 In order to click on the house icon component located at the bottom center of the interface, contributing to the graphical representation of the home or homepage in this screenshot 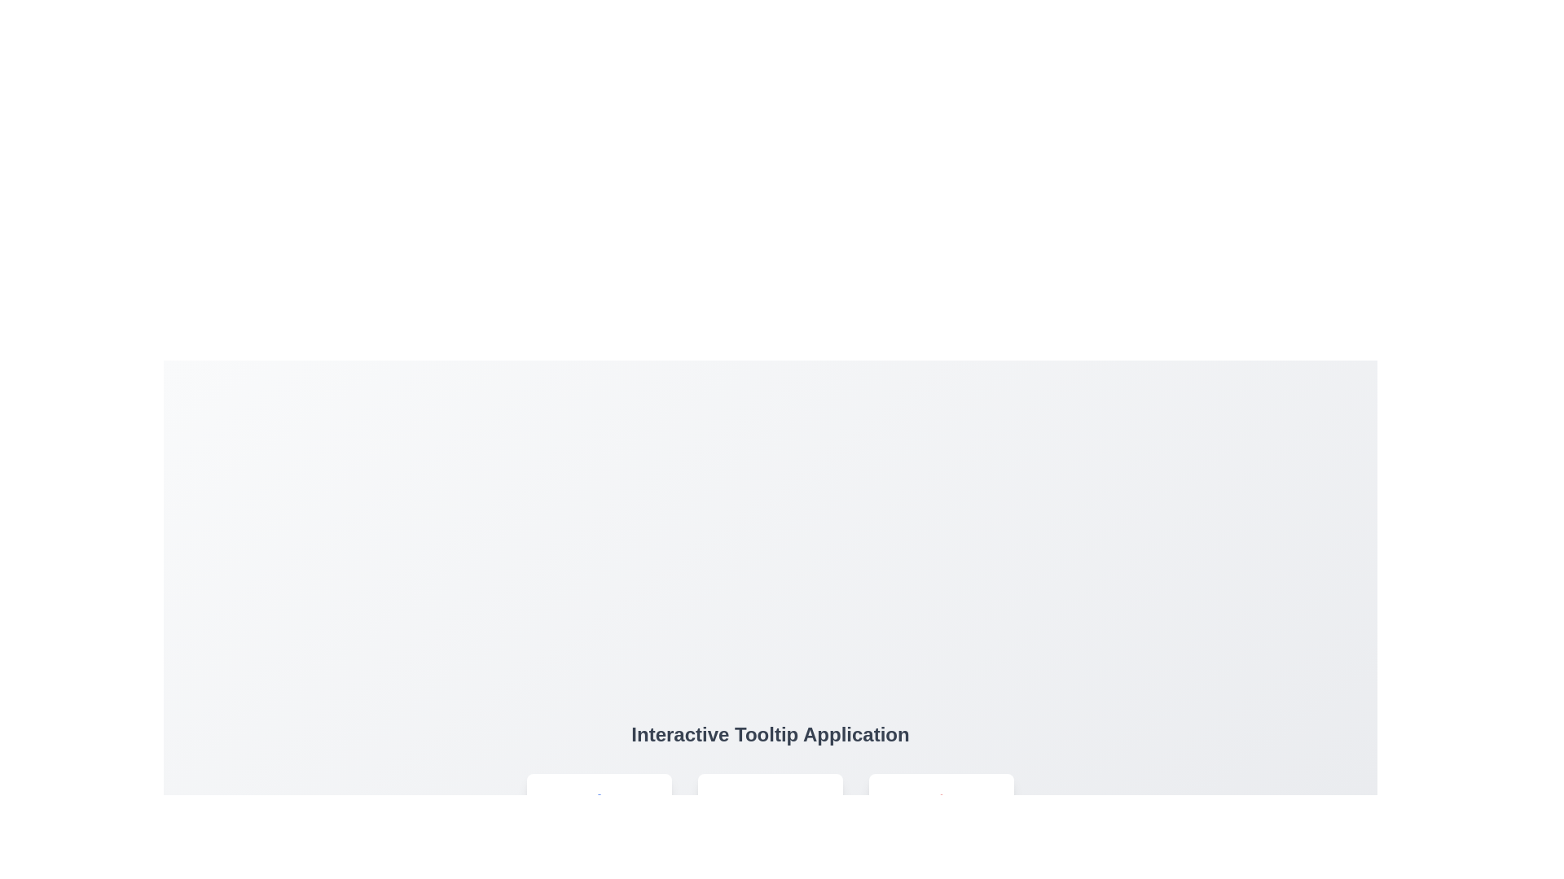, I will do `click(598, 807)`.